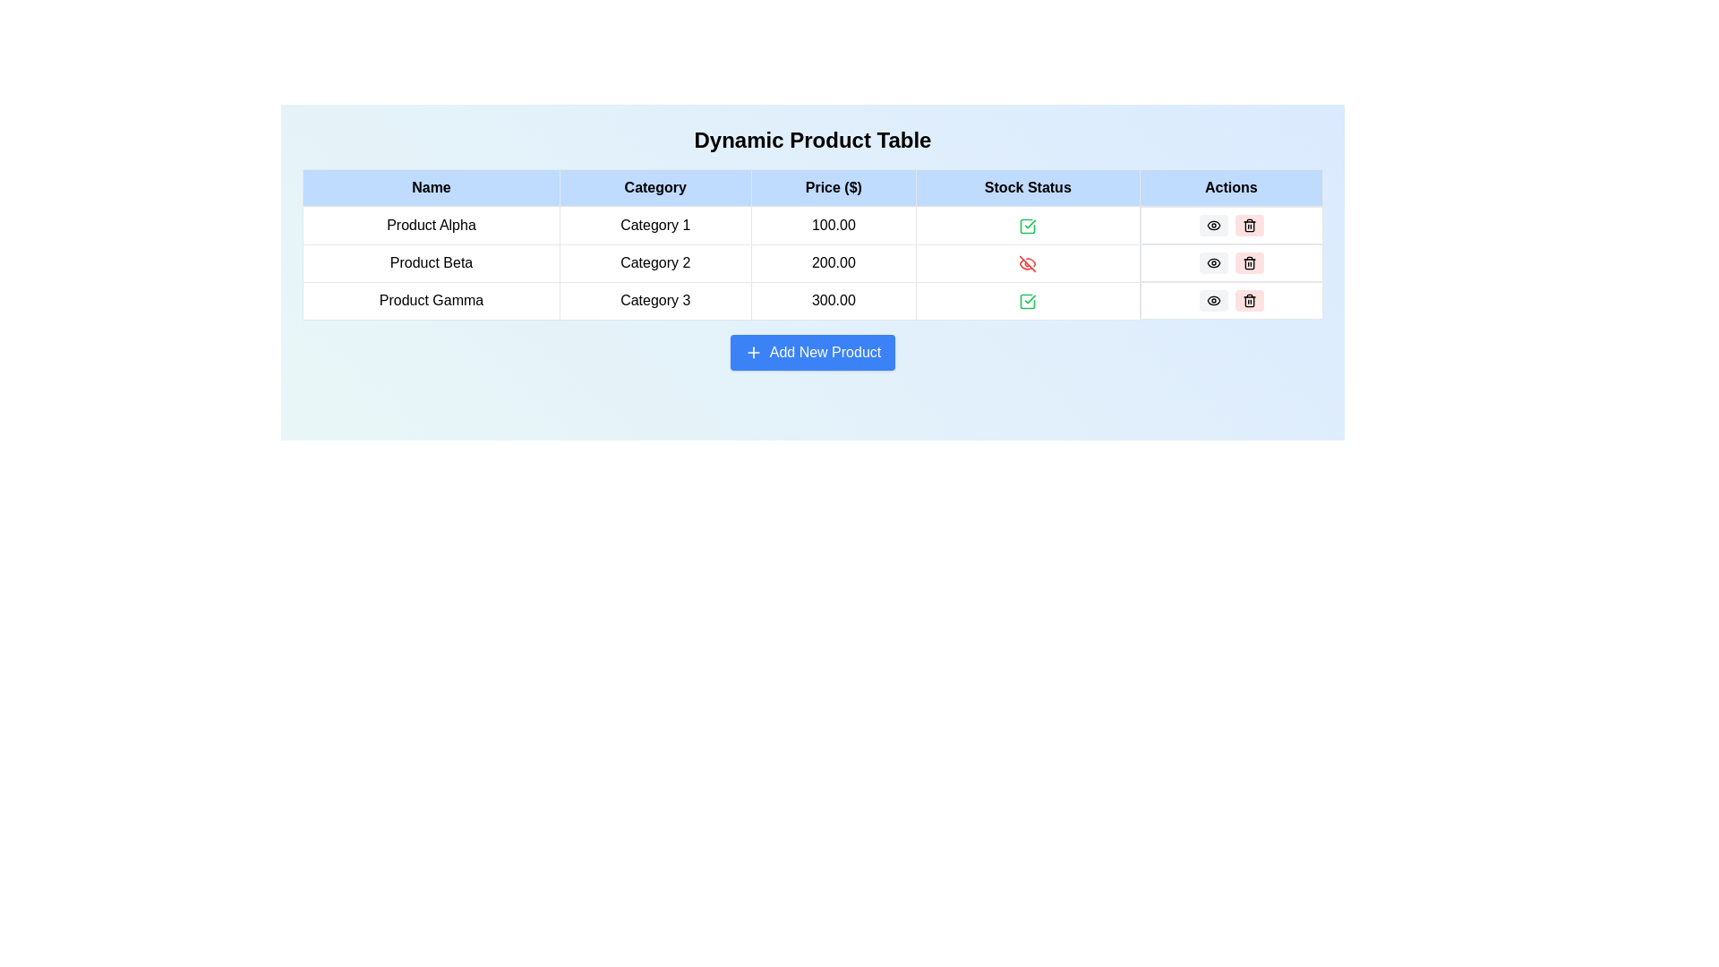 The height and width of the screenshot is (967, 1719). What do you see at coordinates (811, 352) in the screenshot?
I see `the 'Add New Product' button with a blue background and white text` at bounding box center [811, 352].